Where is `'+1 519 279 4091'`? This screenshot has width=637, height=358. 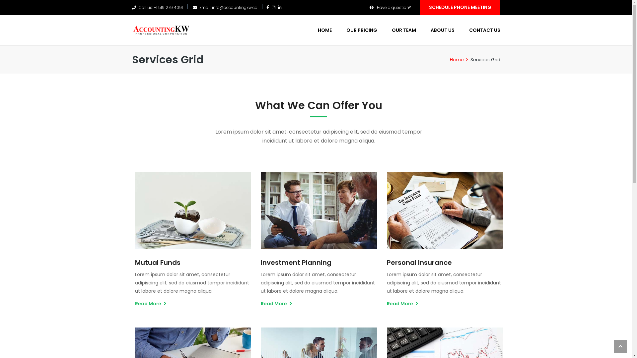 '+1 519 279 4091' is located at coordinates (154, 7).